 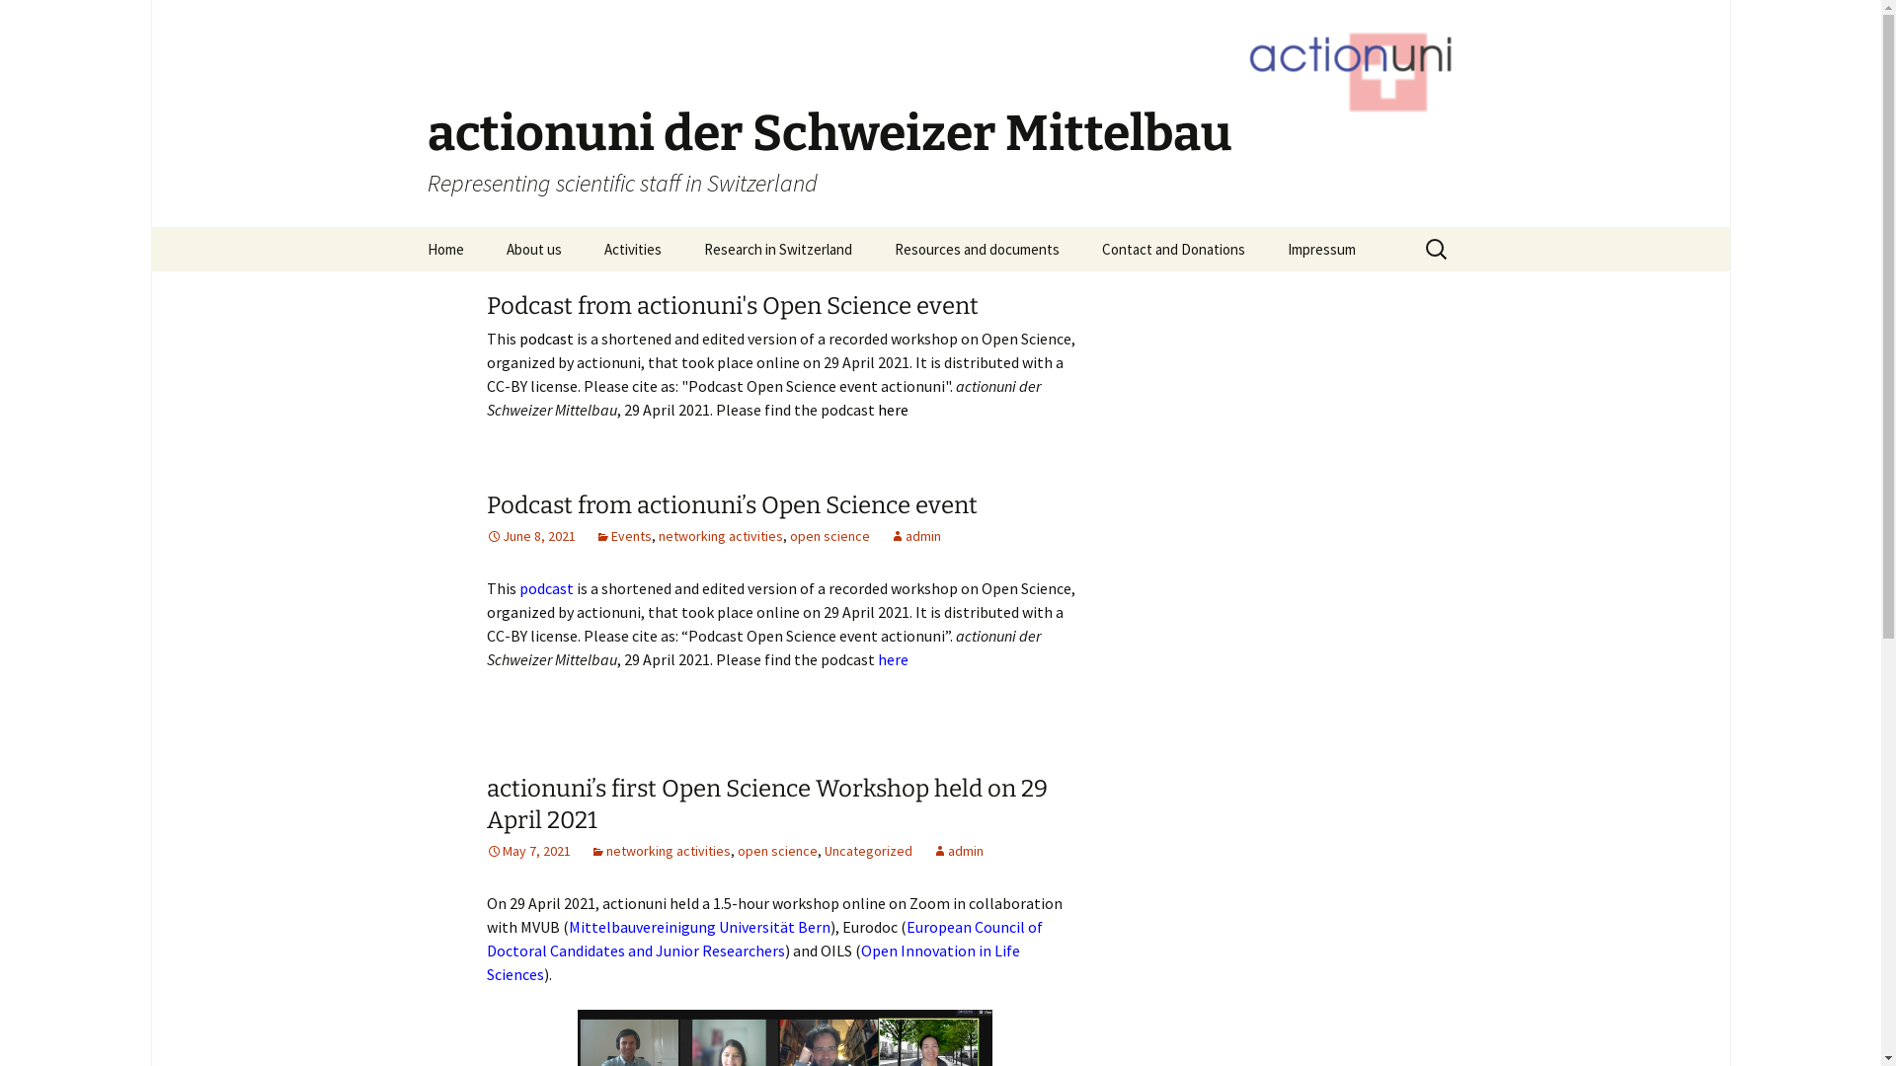 What do you see at coordinates (682, 293) in the screenshot?
I see `'PhD / Doctorate'` at bounding box center [682, 293].